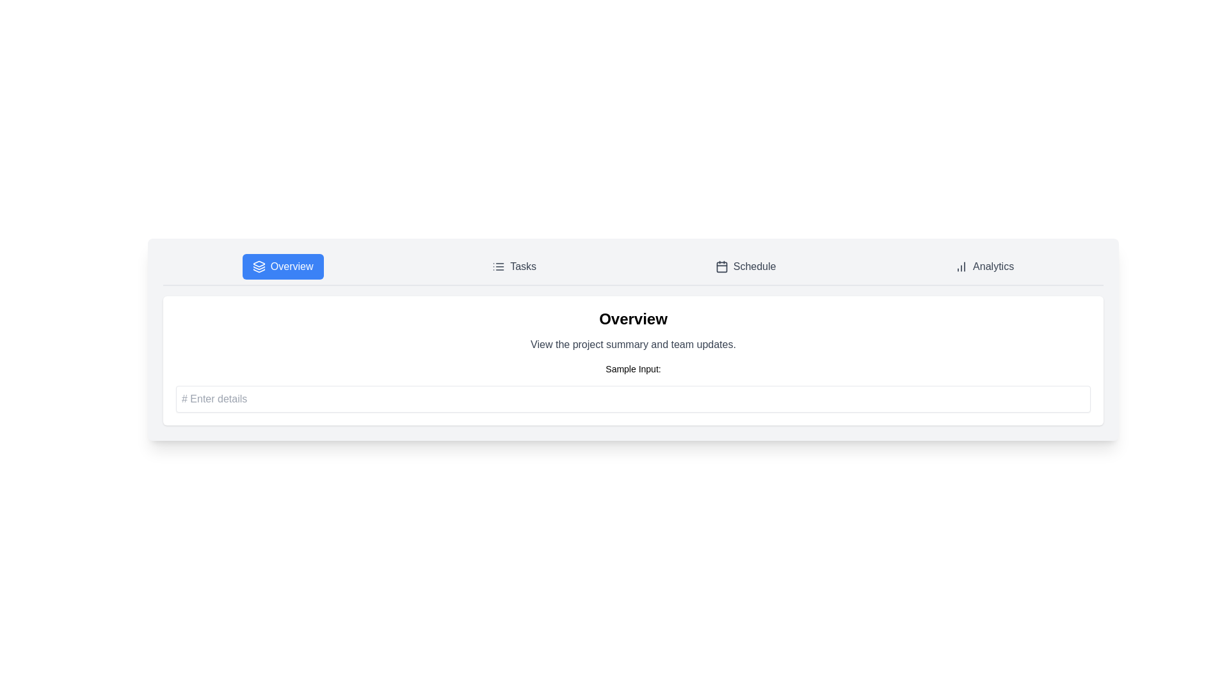 The image size is (1229, 691). Describe the element at coordinates (282, 266) in the screenshot. I see `the tab labeled Overview` at that location.